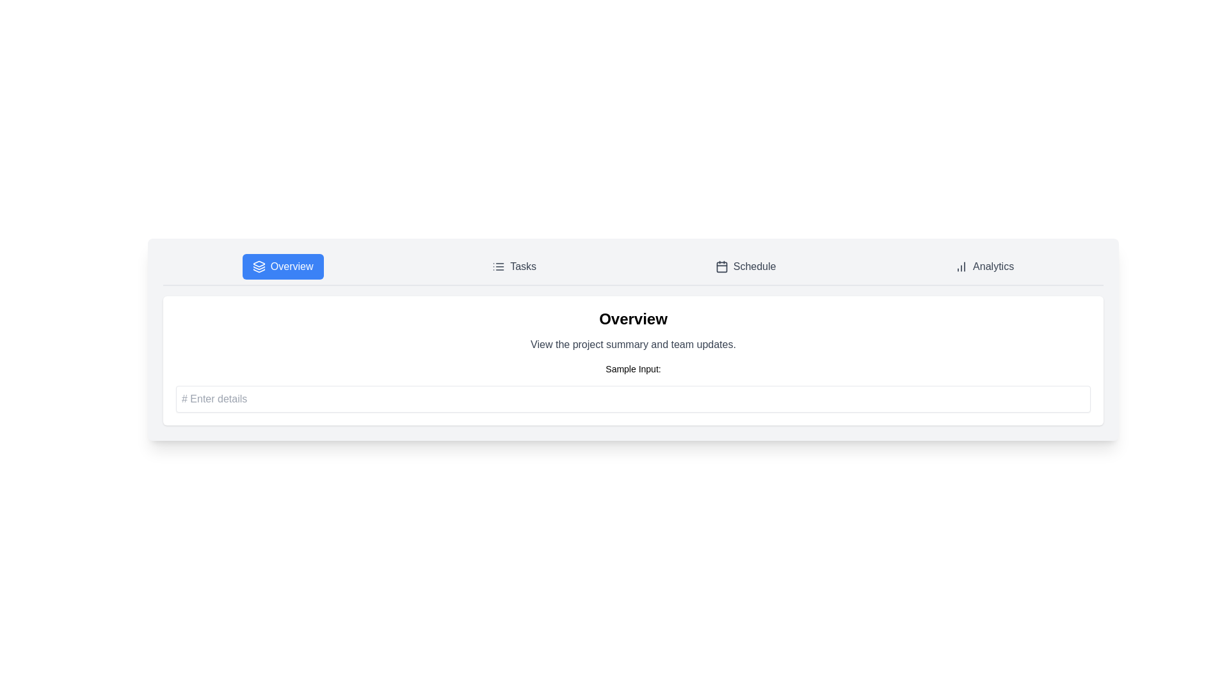 The image size is (1229, 691). Describe the element at coordinates (282, 266) in the screenshot. I see `the tab labeled Overview` at that location.